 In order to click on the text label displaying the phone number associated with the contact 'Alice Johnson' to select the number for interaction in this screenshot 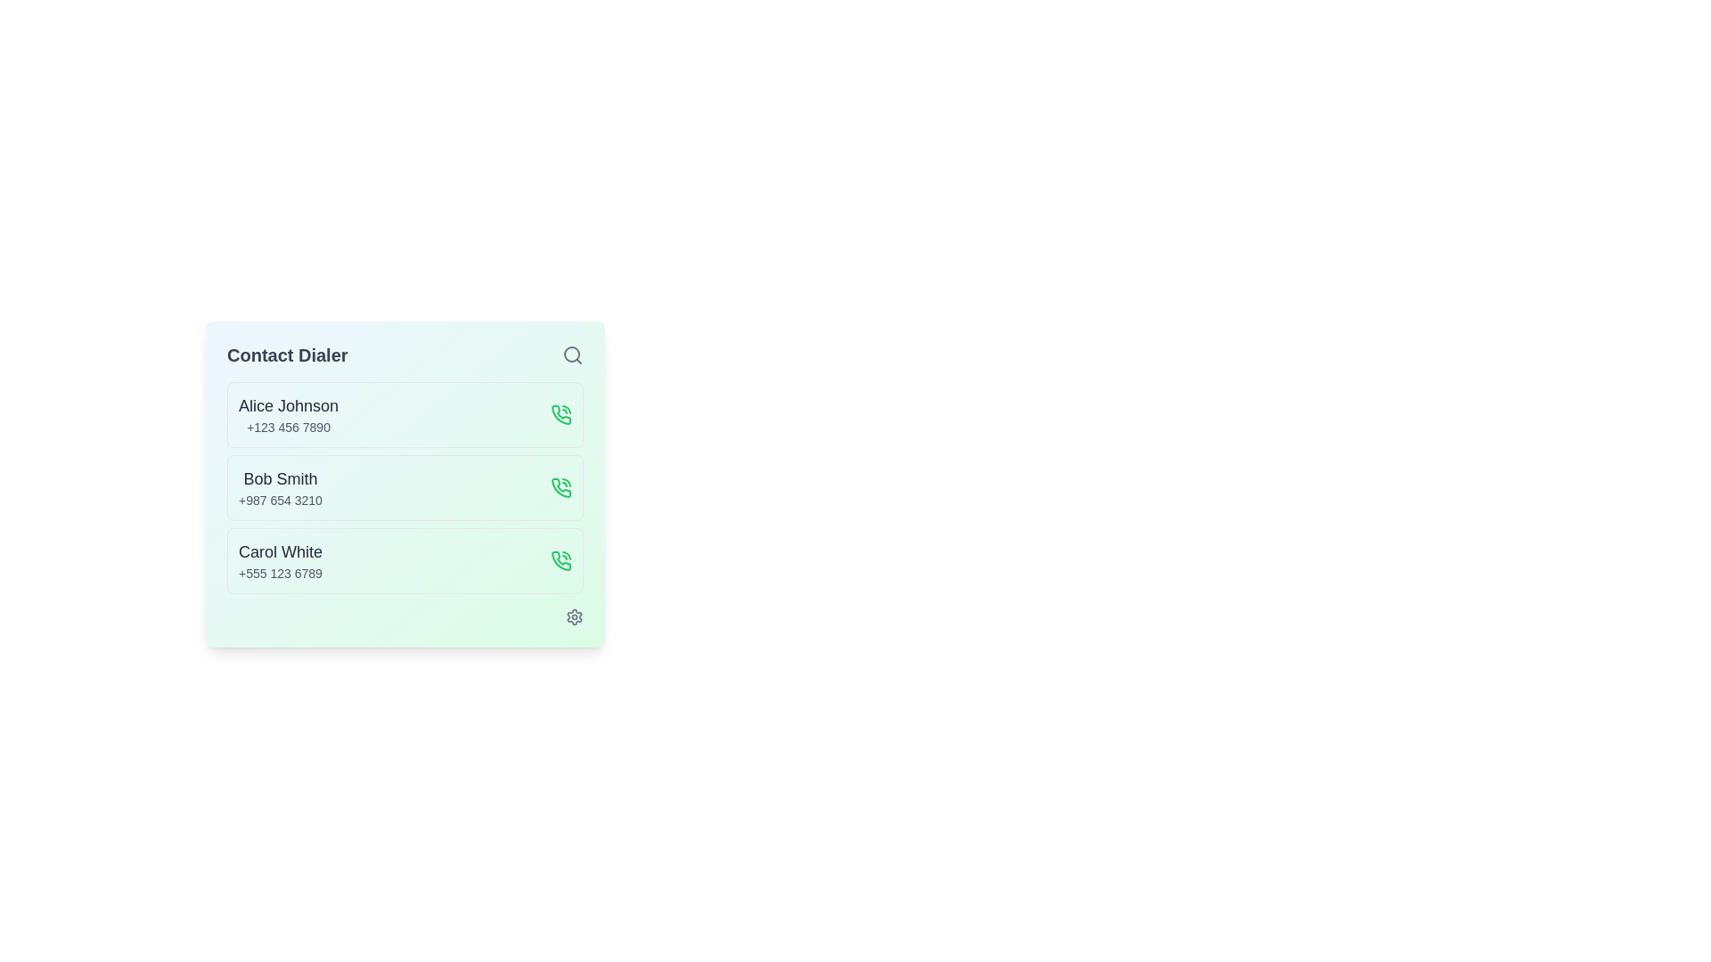, I will do `click(289, 427)`.